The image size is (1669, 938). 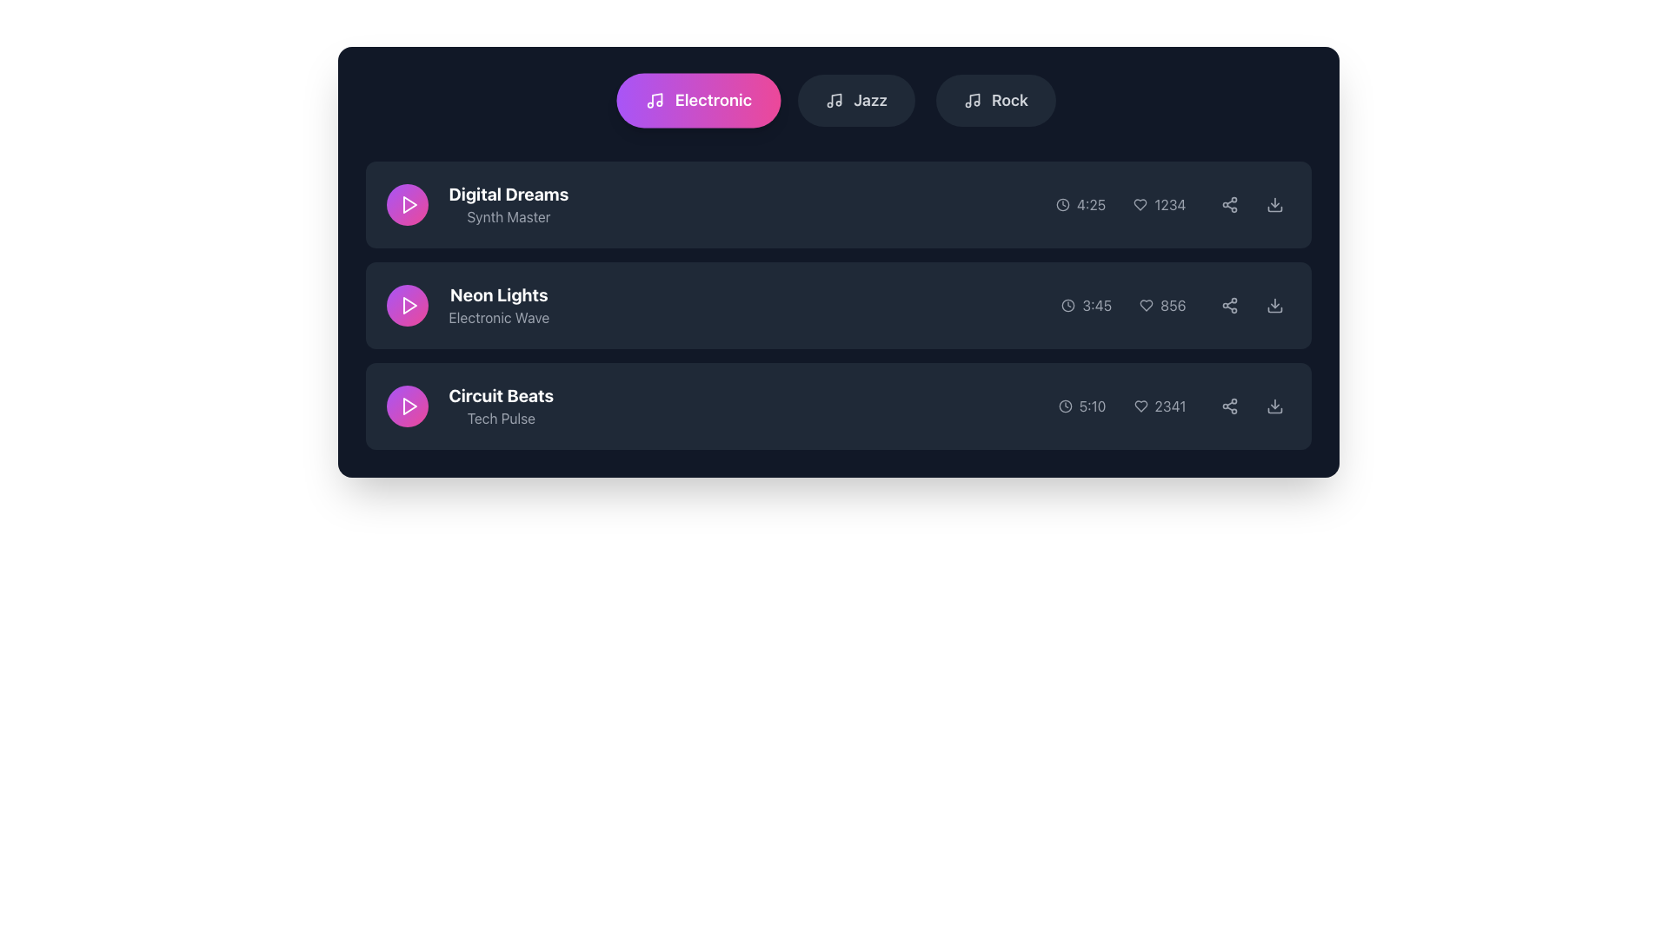 I want to click on the text label displaying 'Electronic Wave', which is positioned below the title 'Neon Lights' in the interface, so click(x=498, y=318).